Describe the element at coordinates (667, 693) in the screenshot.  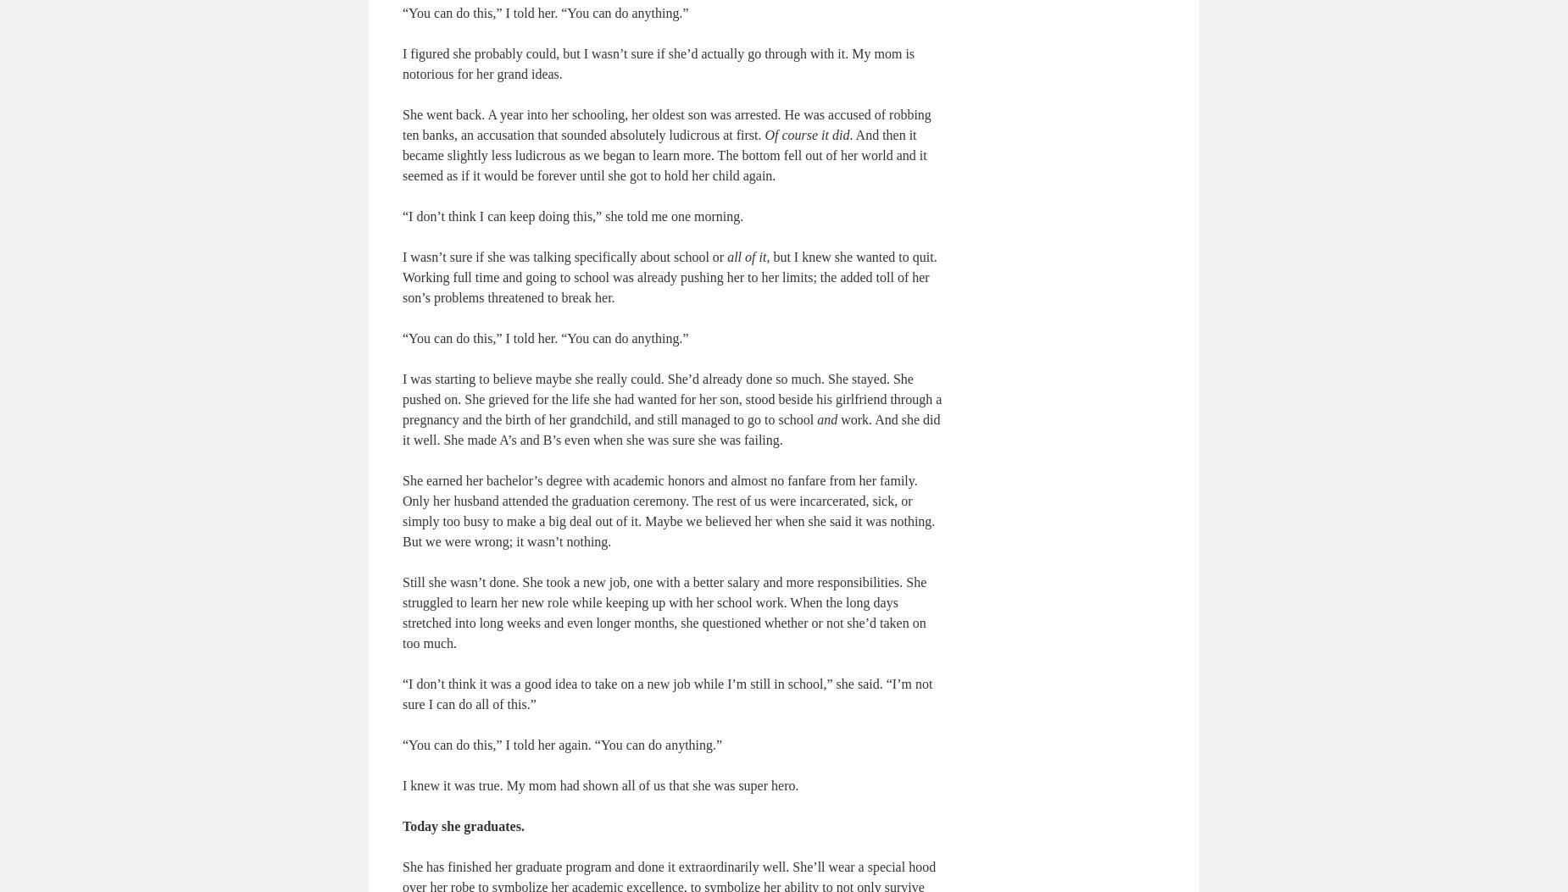
I see `'“I don’t think it was a good idea to take on a new job while I’m still in school,” she said. “I’m not sure I can do all of this.”'` at that location.